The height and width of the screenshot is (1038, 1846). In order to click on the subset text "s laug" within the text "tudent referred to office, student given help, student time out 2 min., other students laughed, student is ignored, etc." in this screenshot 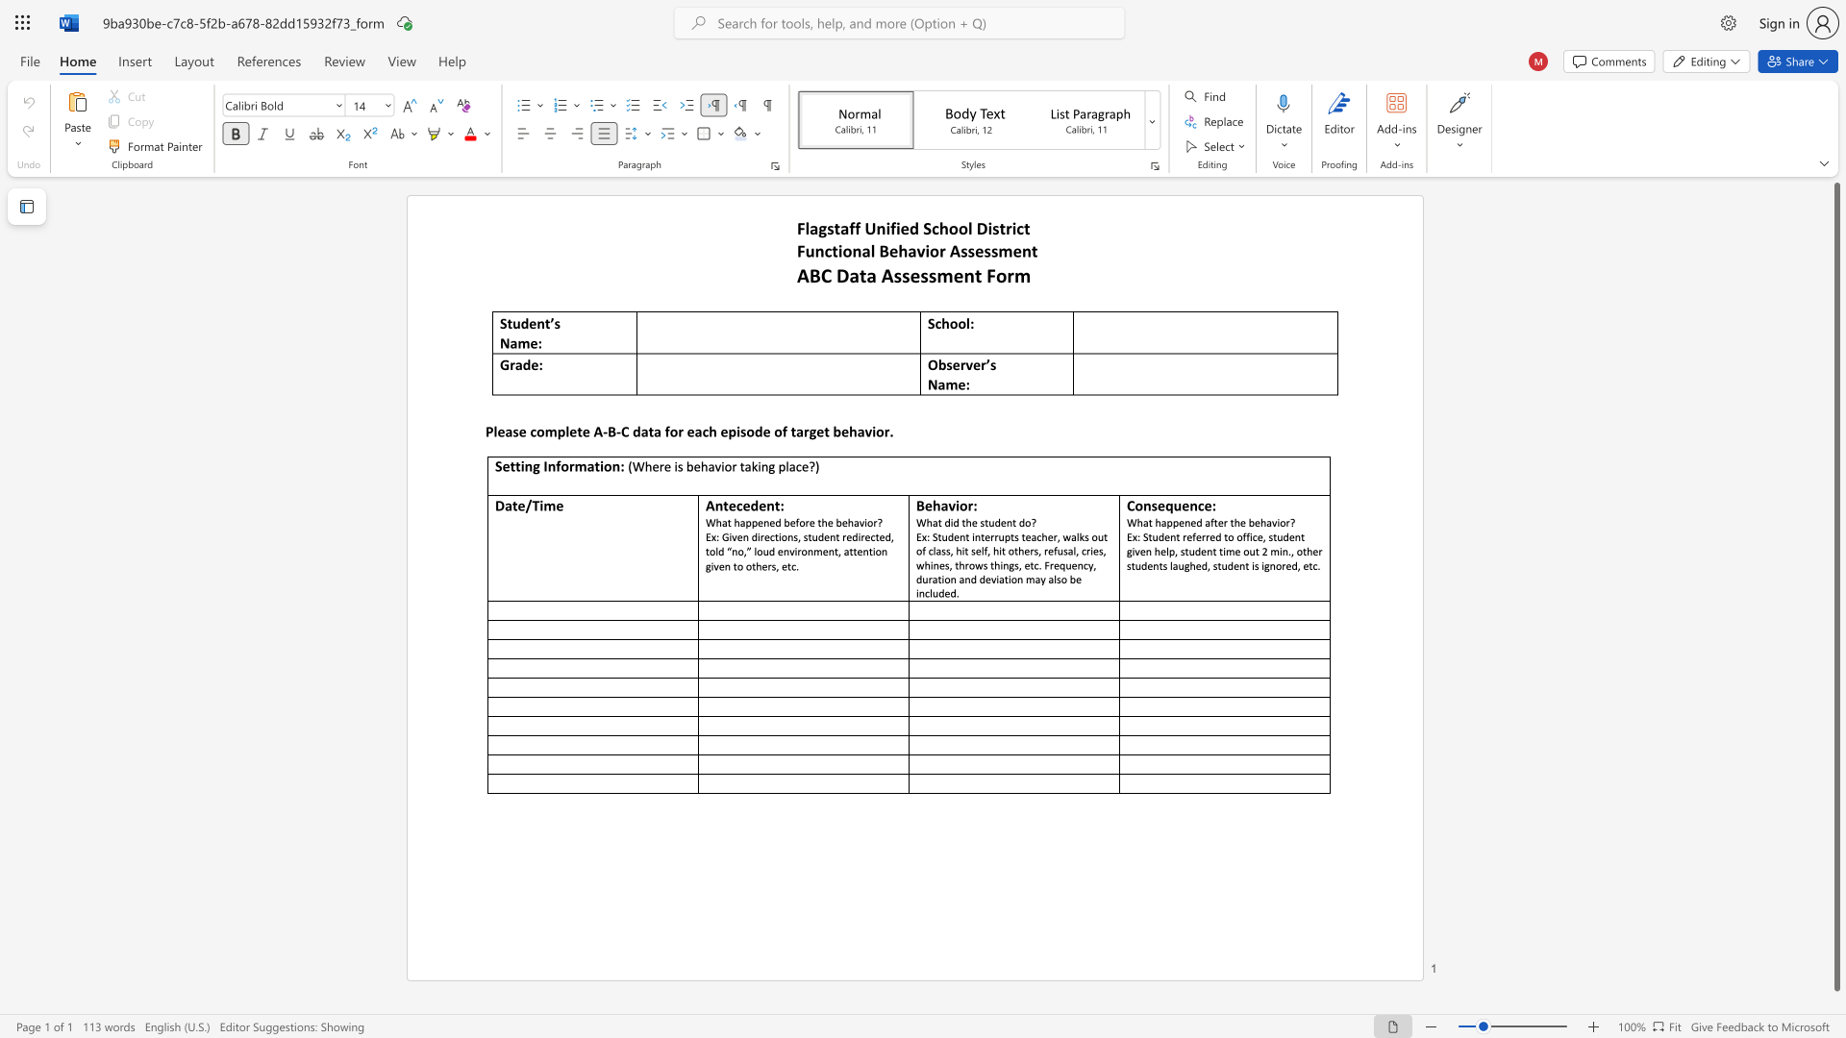, I will do `click(1161, 565)`.